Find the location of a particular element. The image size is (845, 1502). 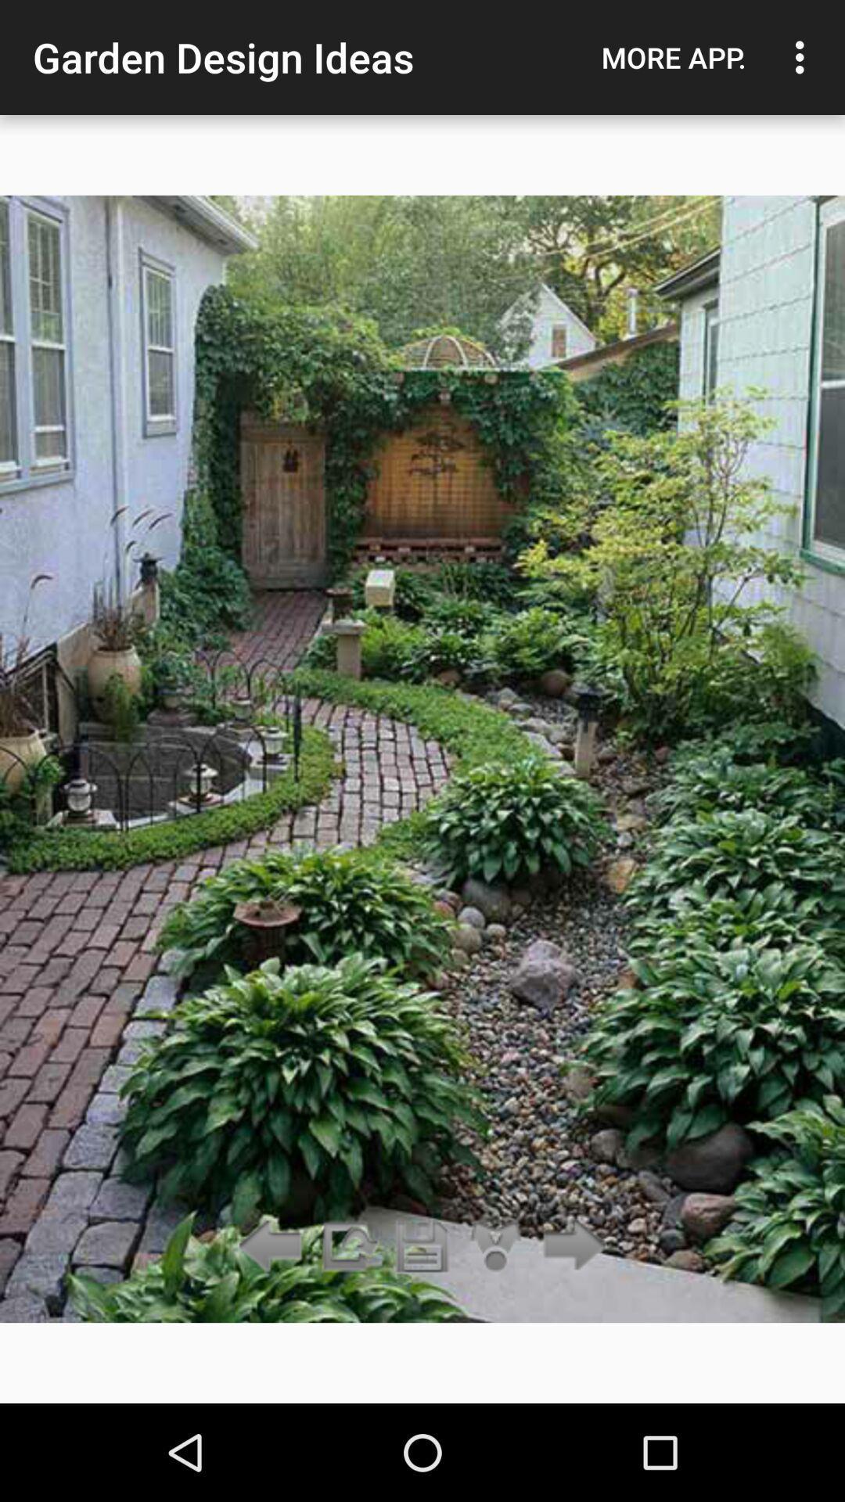

save is located at coordinates (422, 1246).